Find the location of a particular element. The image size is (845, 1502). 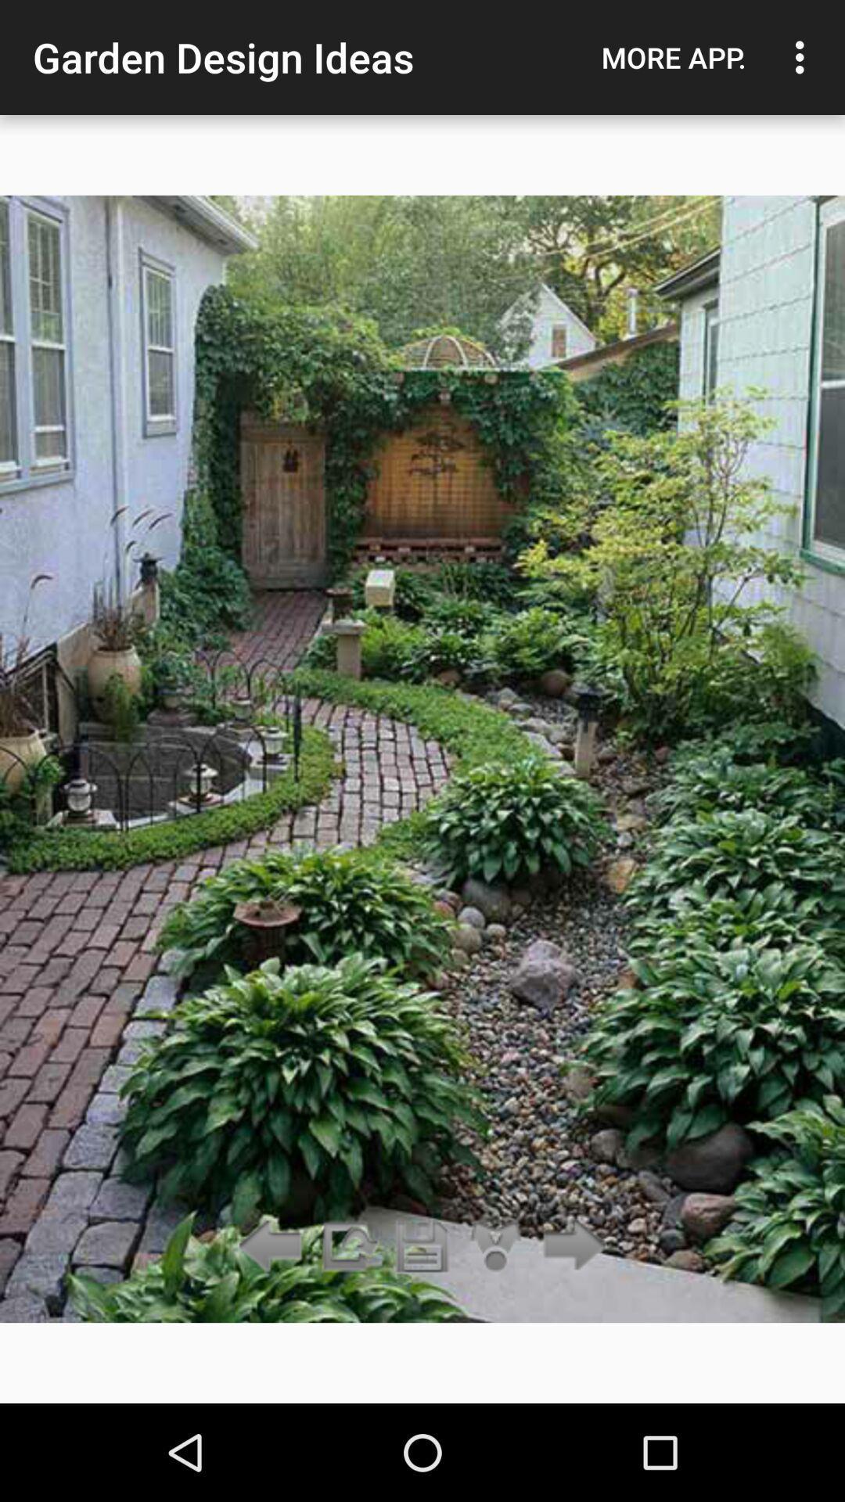

save is located at coordinates (422, 1246).